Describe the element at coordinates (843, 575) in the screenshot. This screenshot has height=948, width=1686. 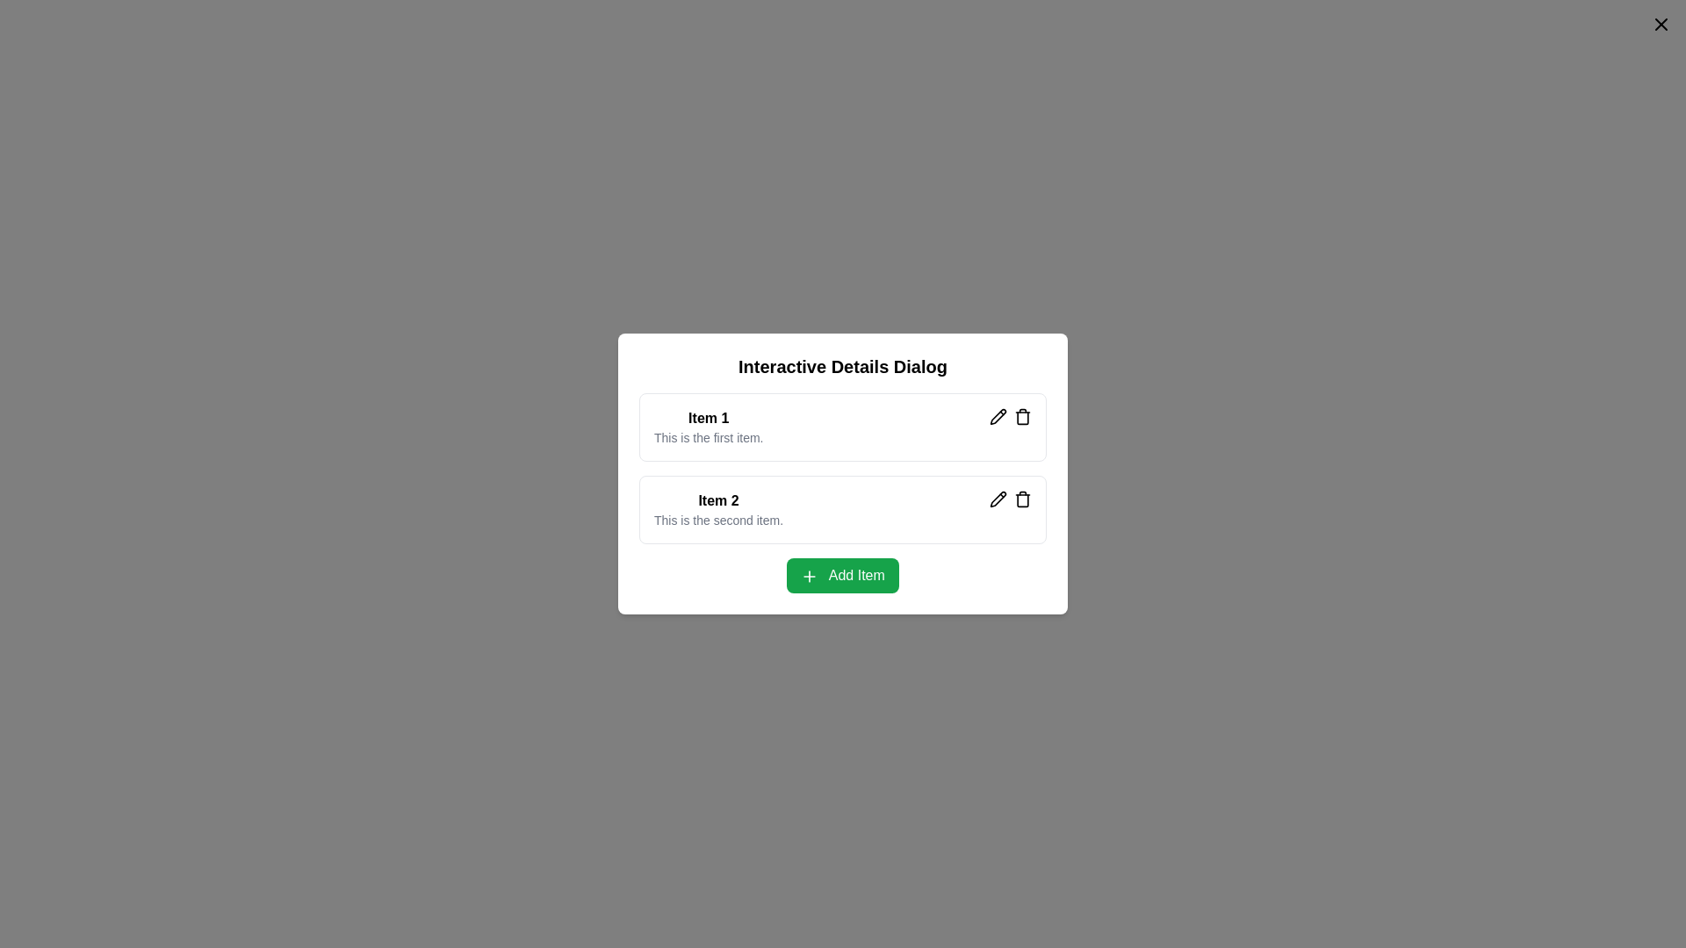
I see `the add item button located centrally at the bottom of the dialog box, directly below the items labeled 'Item 1' and 'Item 2'` at that location.